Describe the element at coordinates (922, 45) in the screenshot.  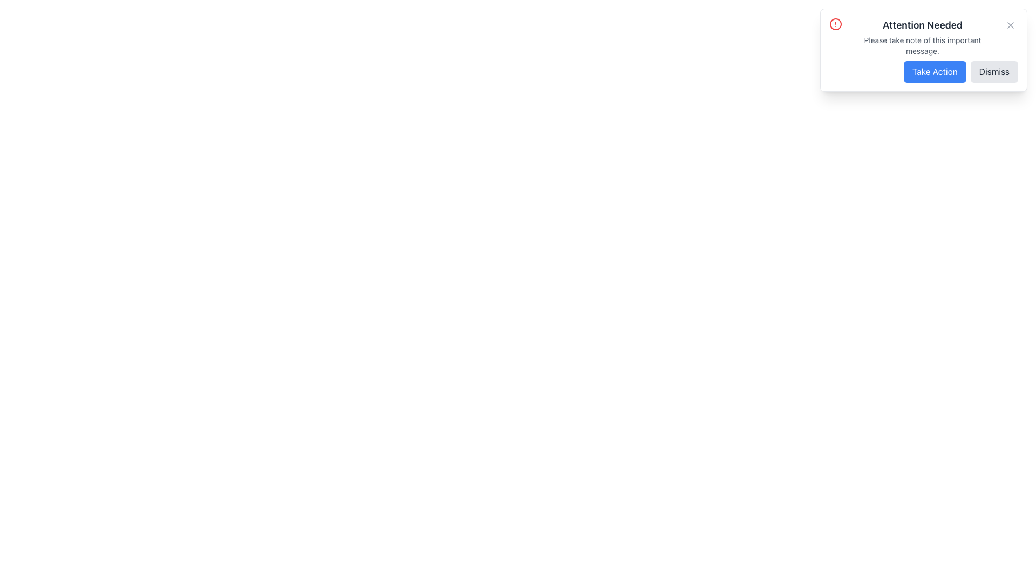
I see `the text block that displays the message 'Please take note of this important message.' positioned beneath the 'Attention Needed' header in a card-like notification box` at that location.